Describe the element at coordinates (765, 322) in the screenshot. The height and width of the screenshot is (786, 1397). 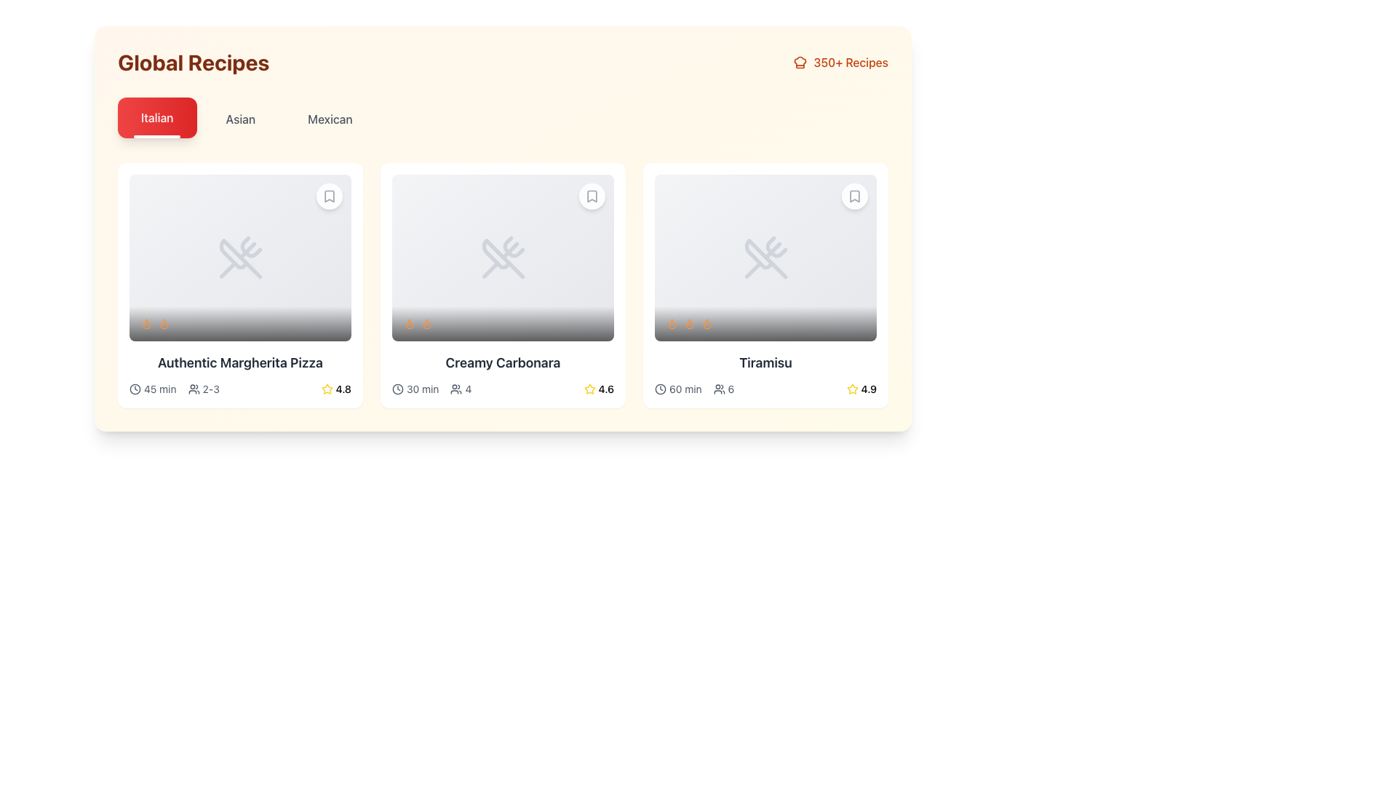
I see `the flame icons indicating the spiciness or heat level of the 'Tiramisu' recipe located at the bottom section of the recipe card` at that location.